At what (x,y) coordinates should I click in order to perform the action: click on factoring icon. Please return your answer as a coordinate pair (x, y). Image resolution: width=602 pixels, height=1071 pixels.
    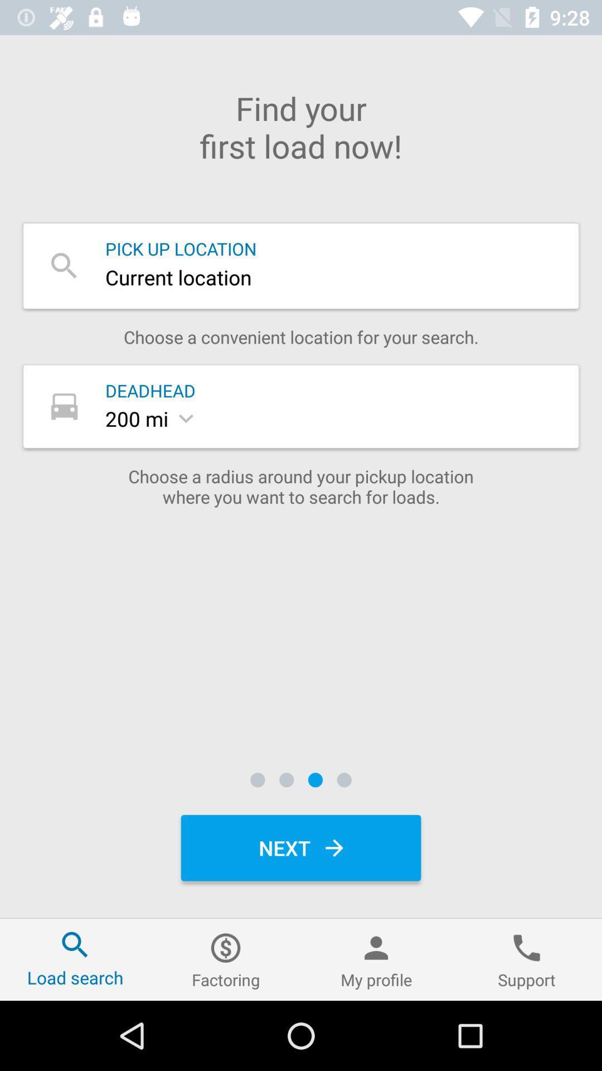
    Looking at the image, I should click on (226, 959).